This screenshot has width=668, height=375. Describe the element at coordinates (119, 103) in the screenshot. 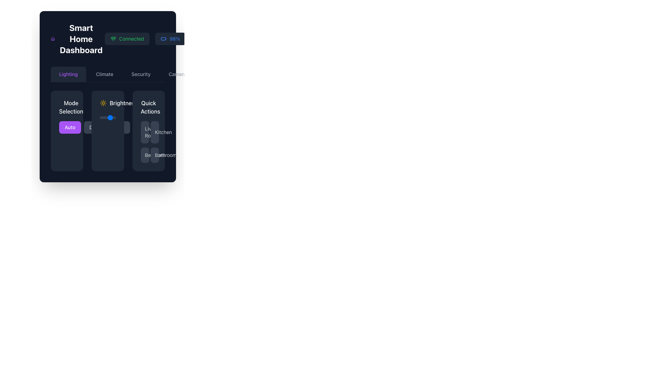

I see `the 'Brightness' label with the sun icon` at that location.